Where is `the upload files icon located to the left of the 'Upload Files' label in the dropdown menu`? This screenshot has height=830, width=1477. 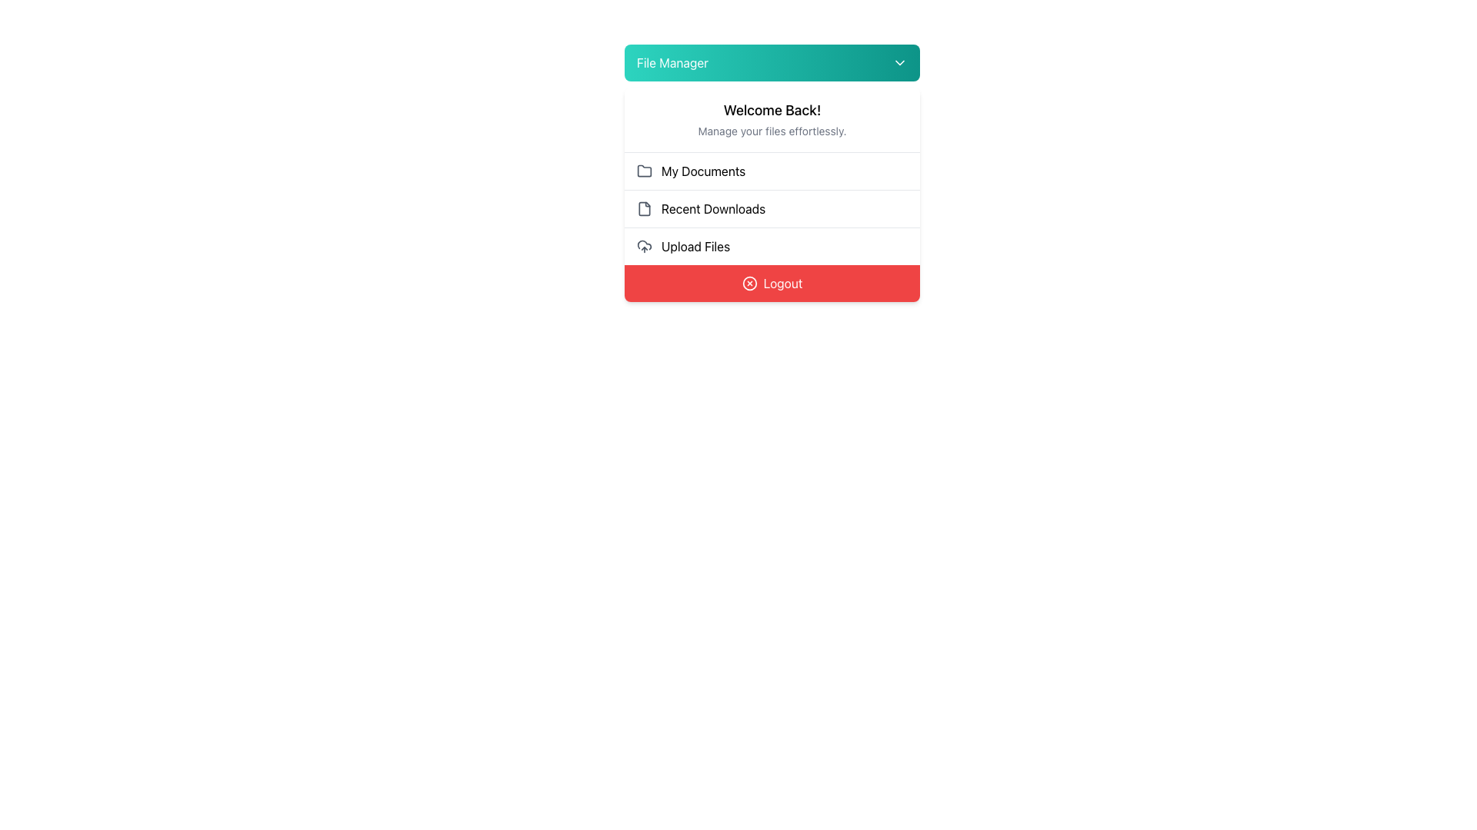 the upload files icon located to the left of the 'Upload Files' label in the dropdown menu is located at coordinates (645, 245).